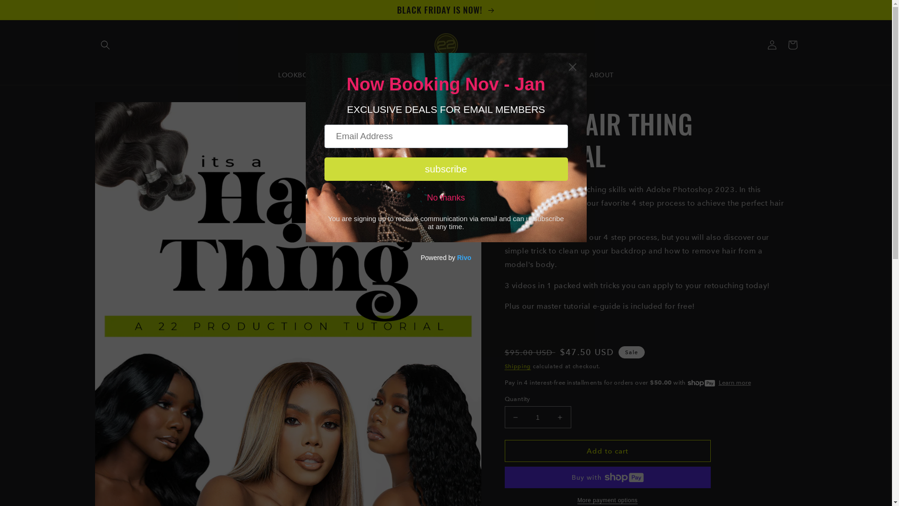  Describe the element at coordinates (354, 74) in the screenshot. I see `'SERVICES'` at that location.